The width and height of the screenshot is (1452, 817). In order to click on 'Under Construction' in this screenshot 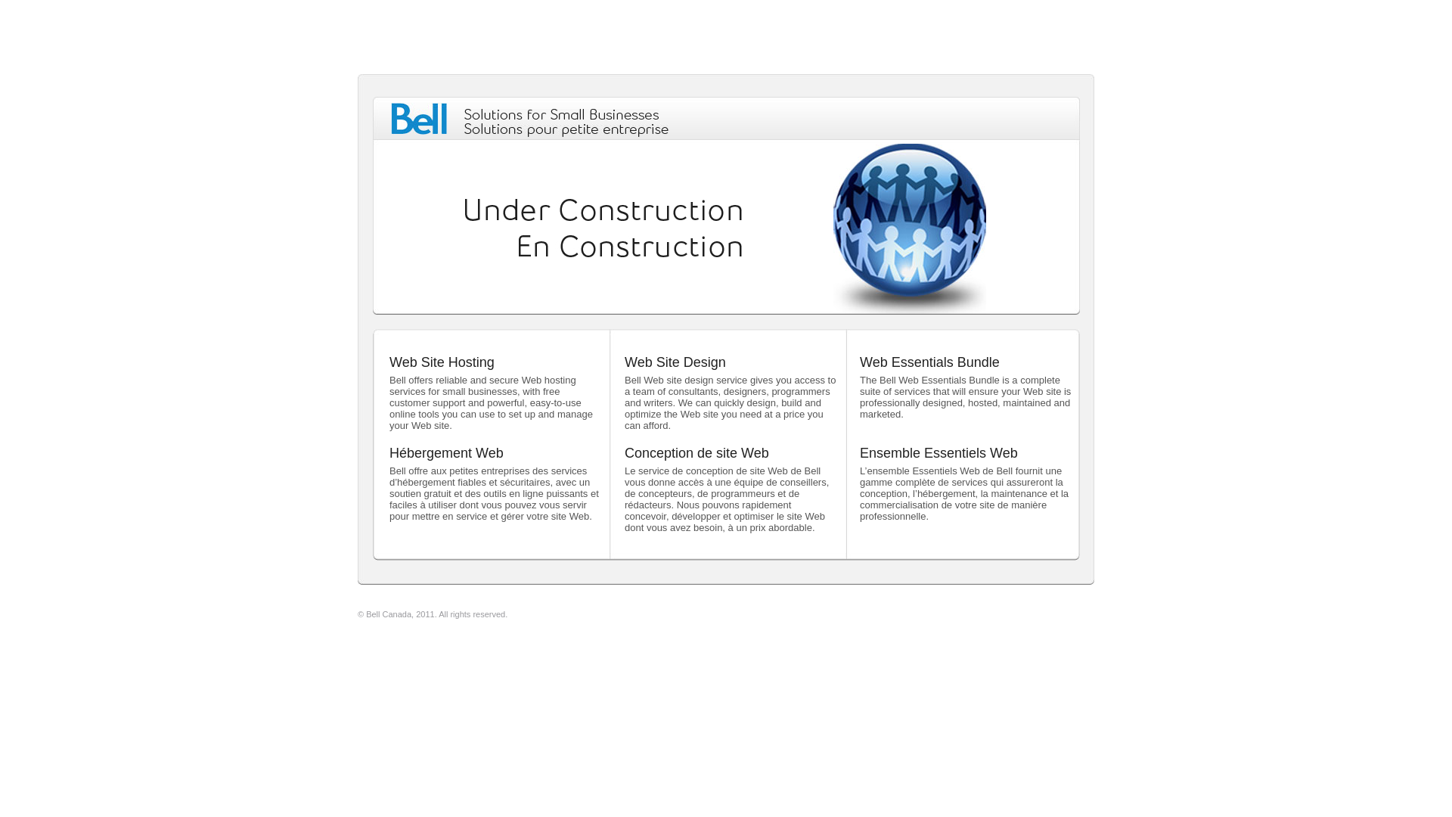, I will do `click(602, 210)`.